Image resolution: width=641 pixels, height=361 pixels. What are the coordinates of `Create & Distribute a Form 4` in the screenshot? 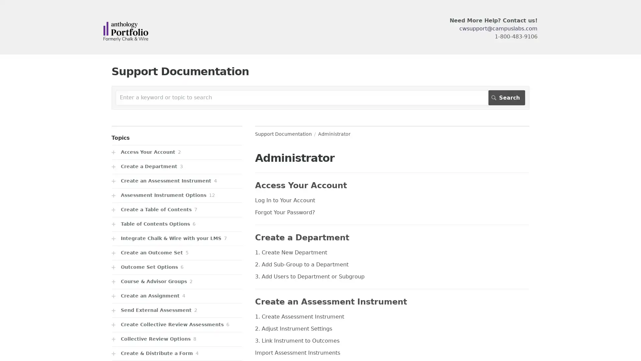 It's located at (177, 353).